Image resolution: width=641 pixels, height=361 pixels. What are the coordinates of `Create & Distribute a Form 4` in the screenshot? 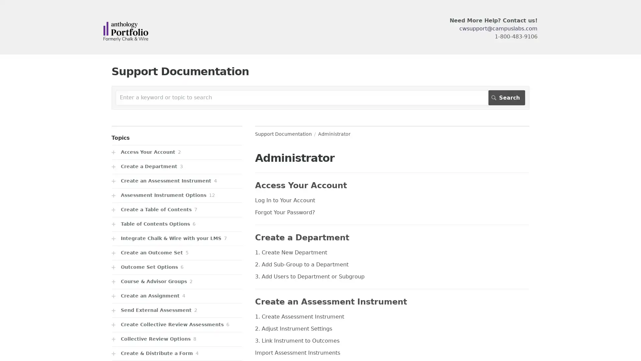 It's located at (177, 353).